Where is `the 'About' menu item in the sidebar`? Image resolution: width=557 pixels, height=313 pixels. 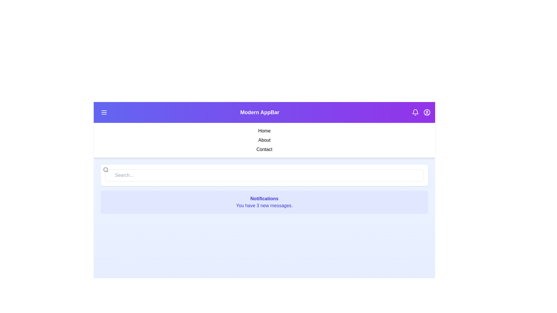
the 'About' menu item in the sidebar is located at coordinates (264, 140).